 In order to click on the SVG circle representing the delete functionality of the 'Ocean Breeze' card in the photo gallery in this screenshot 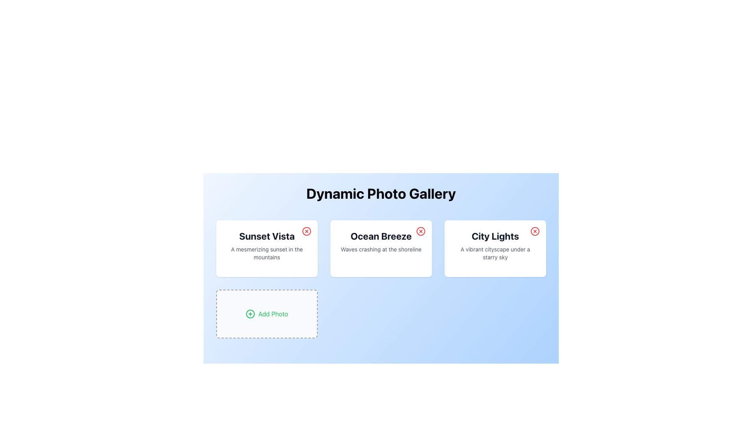, I will do `click(421, 231)`.